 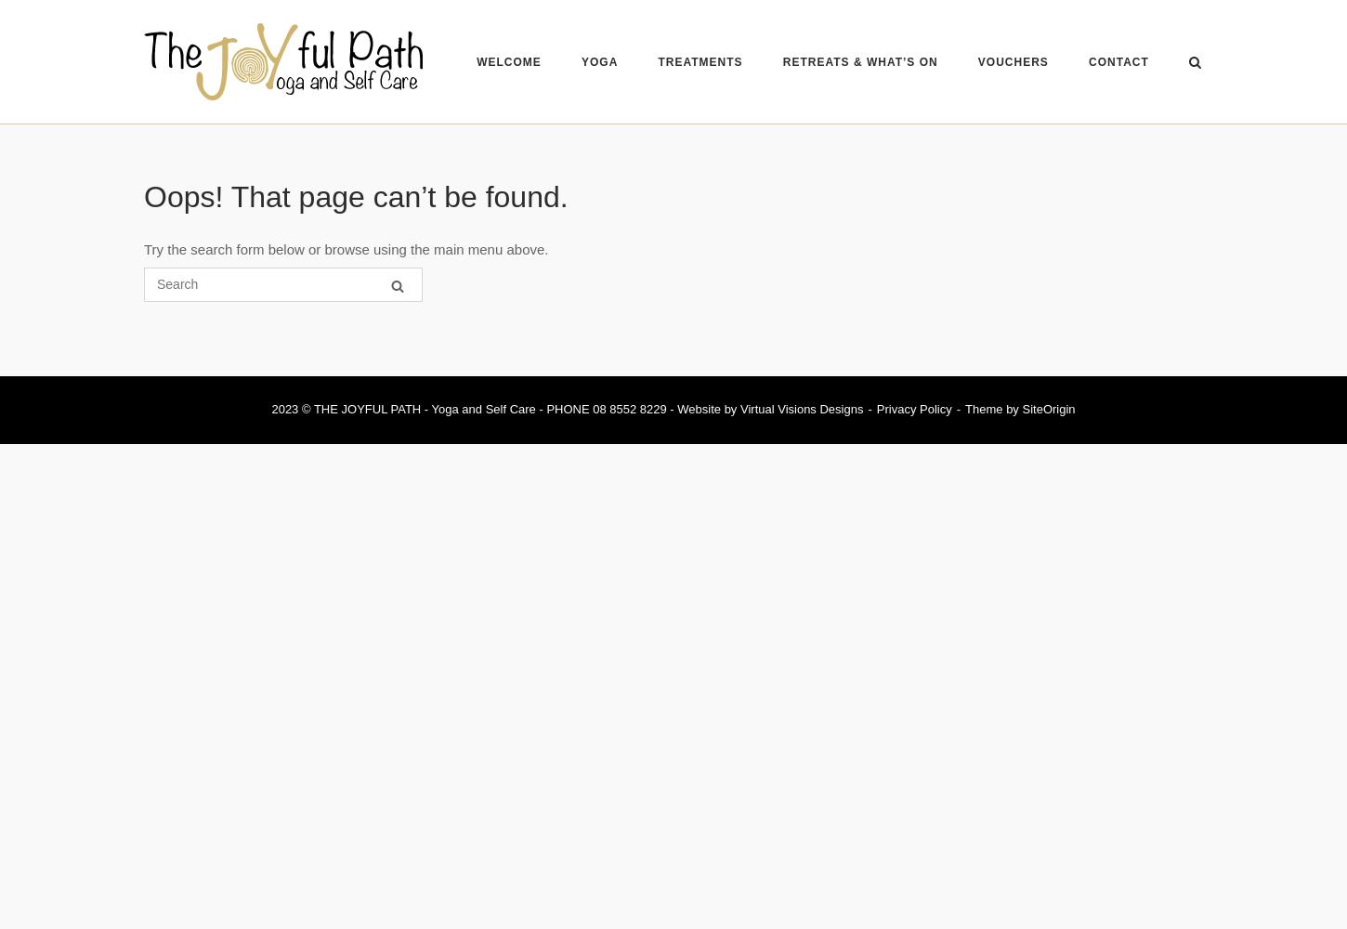 I want to click on 'CLASS SCHEDULE', so click(x=655, y=90).